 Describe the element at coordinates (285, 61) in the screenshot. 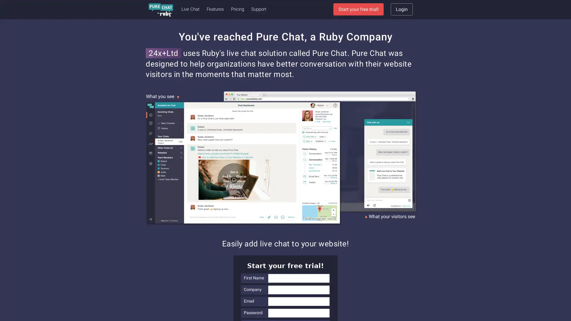

I see `Sign Up` at that location.